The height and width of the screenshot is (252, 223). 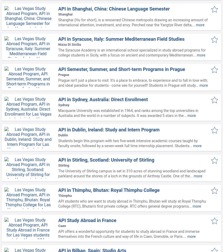 I want to click on 'Nizza Di Sicilia', so click(x=69, y=44).